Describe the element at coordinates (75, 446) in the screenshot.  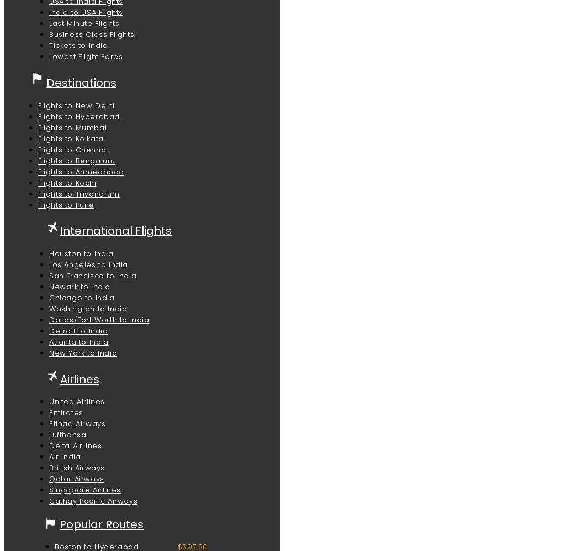
I see `'Delta AirLines'` at that location.